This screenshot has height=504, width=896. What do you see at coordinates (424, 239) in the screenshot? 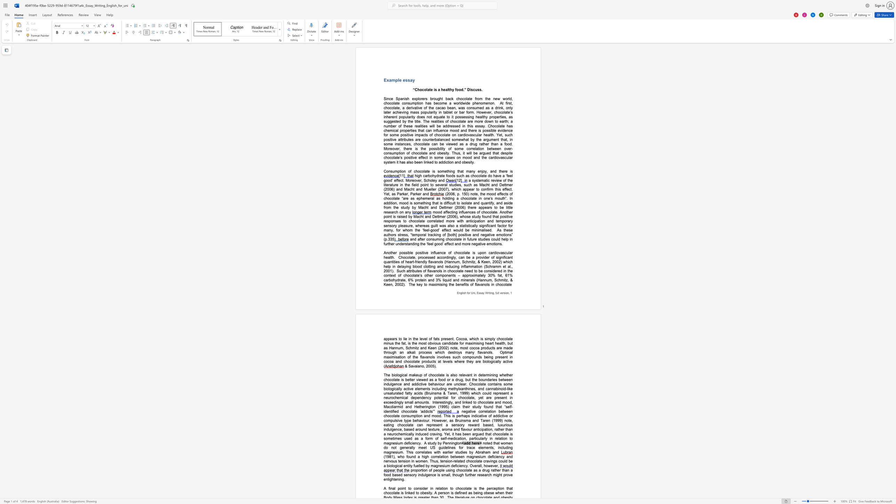
I see `the 1th character "r" in the text` at bounding box center [424, 239].